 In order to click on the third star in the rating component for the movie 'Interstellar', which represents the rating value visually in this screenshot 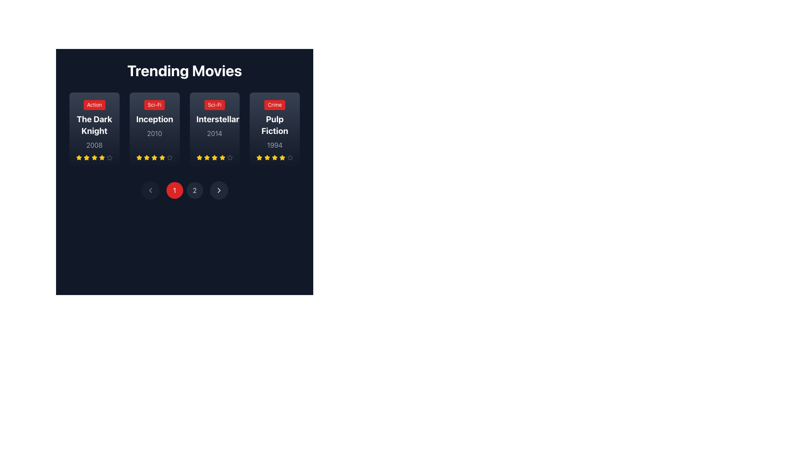, I will do `click(207, 157)`.